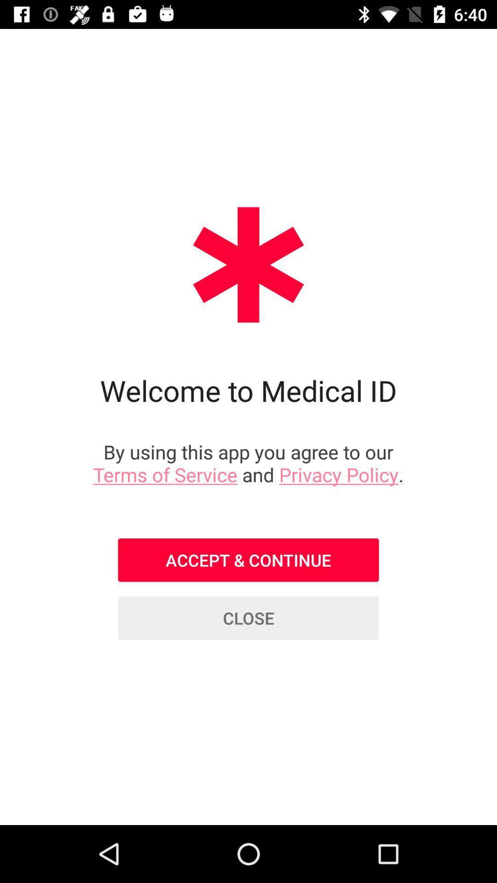  I want to click on by using this item, so click(248, 463).